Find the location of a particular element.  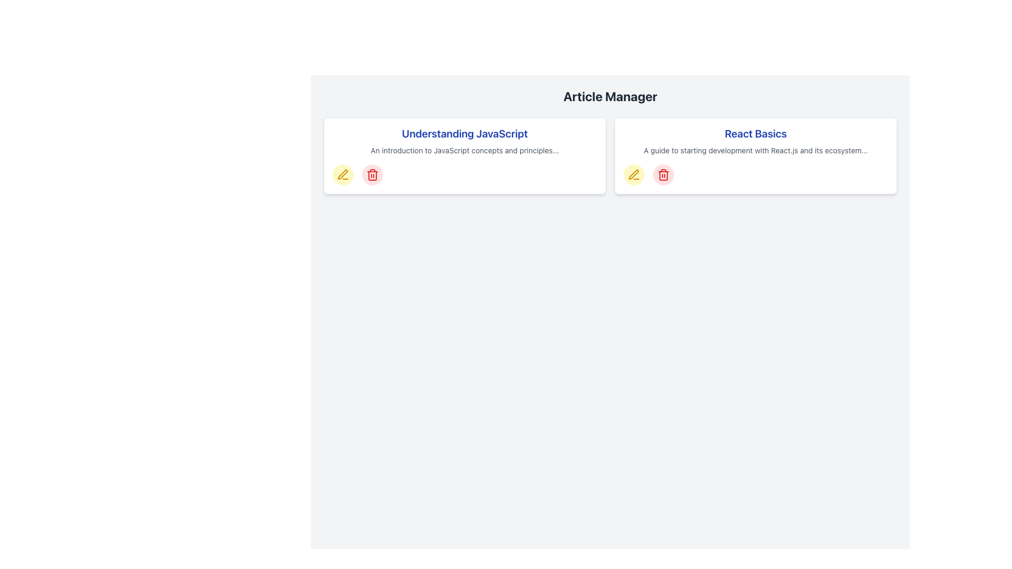

the delete icon located to the right of the yellow pencil icon in the actions section of the 'Understanding JavaScript' article card to initiate the deletion of this item is located at coordinates (372, 174).